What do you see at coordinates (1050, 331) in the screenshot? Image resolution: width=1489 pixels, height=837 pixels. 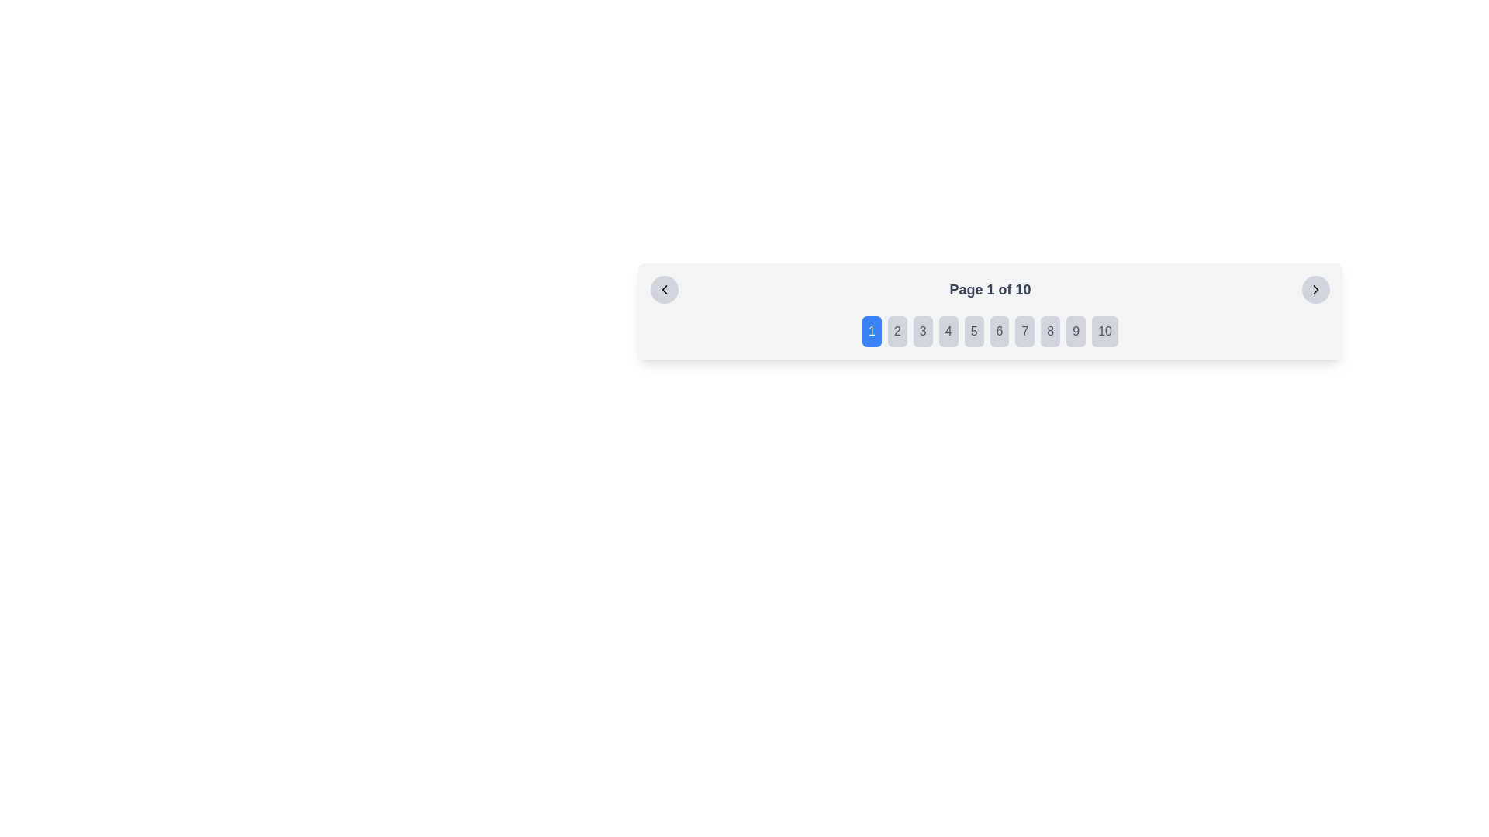 I see `the button labeled '8', which is the eighth button in a horizontal row of buttons with a light gray background and dark gray text, to trigger visual feedback` at bounding box center [1050, 331].